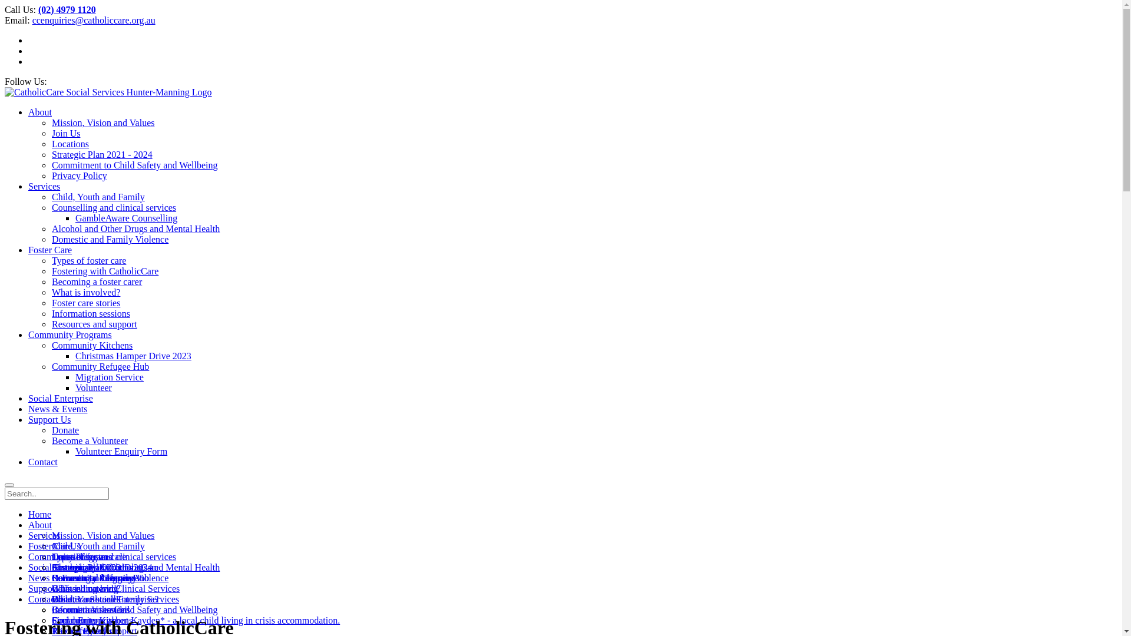  I want to click on 'Commercial Cleaning', so click(92, 577).